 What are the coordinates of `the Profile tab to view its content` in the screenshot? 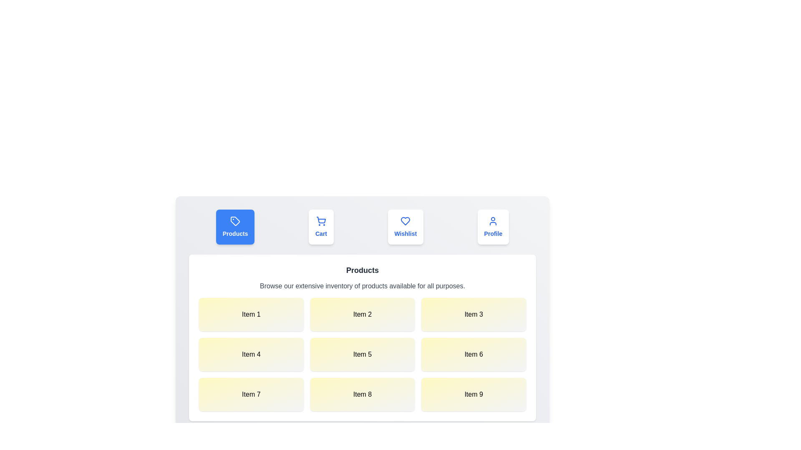 It's located at (493, 227).